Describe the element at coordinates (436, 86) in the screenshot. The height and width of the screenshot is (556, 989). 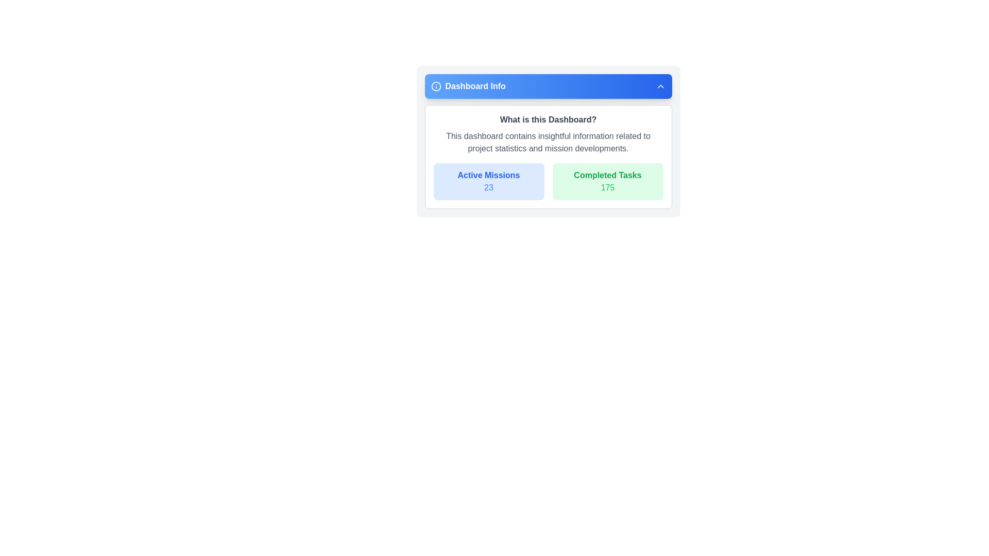
I see `the circular shape within the information icon located in the header section of the 'Dashboard Info' card` at that location.